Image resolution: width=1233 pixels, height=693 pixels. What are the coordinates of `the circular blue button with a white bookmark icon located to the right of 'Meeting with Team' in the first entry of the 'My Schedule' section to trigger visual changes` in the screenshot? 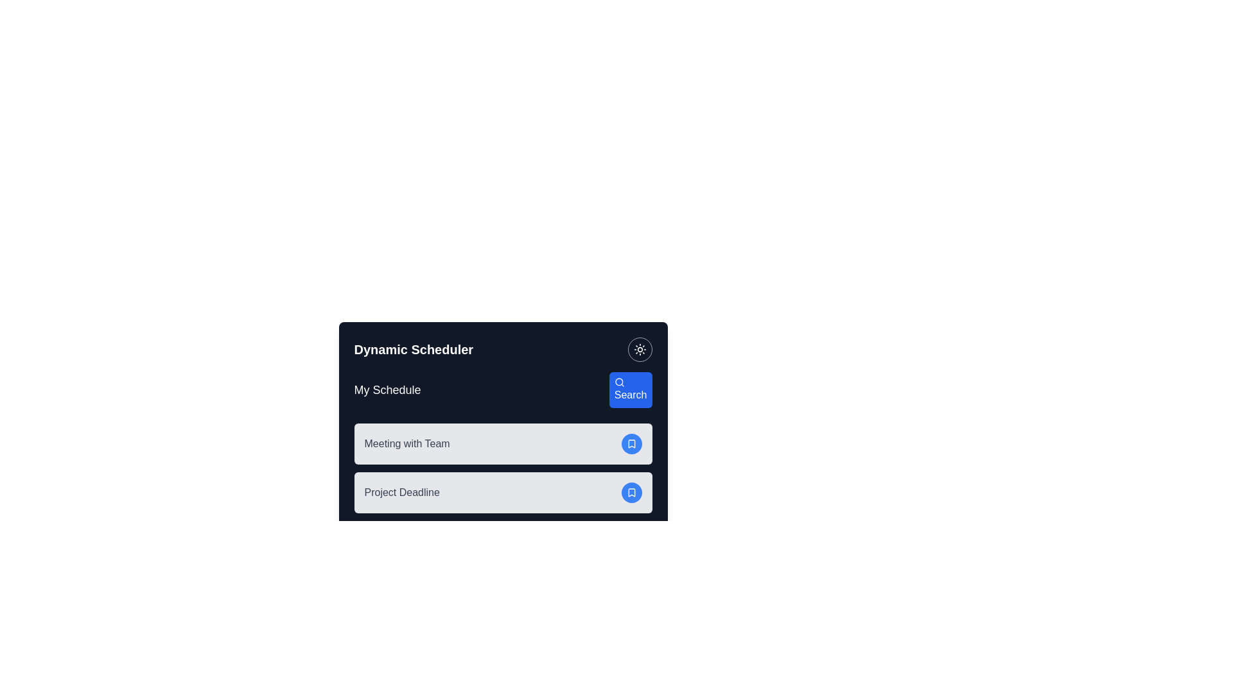 It's located at (631, 443).